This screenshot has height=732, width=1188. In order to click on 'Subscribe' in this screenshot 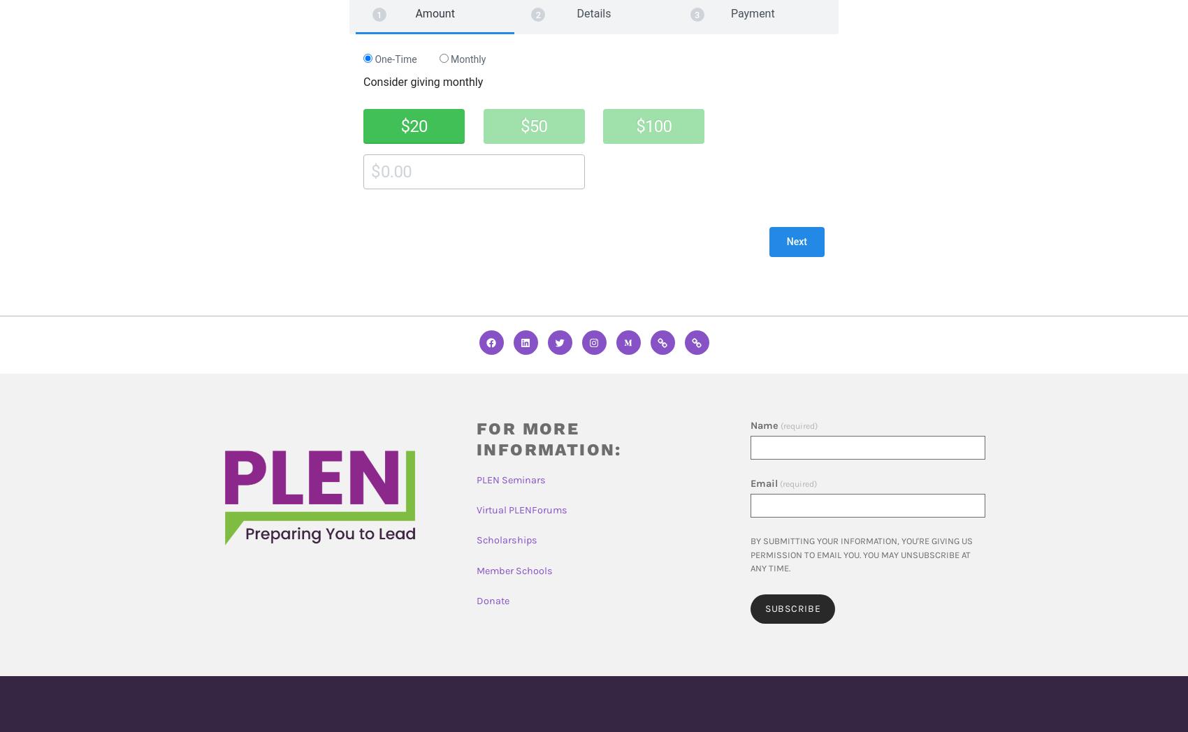, I will do `click(792, 608)`.